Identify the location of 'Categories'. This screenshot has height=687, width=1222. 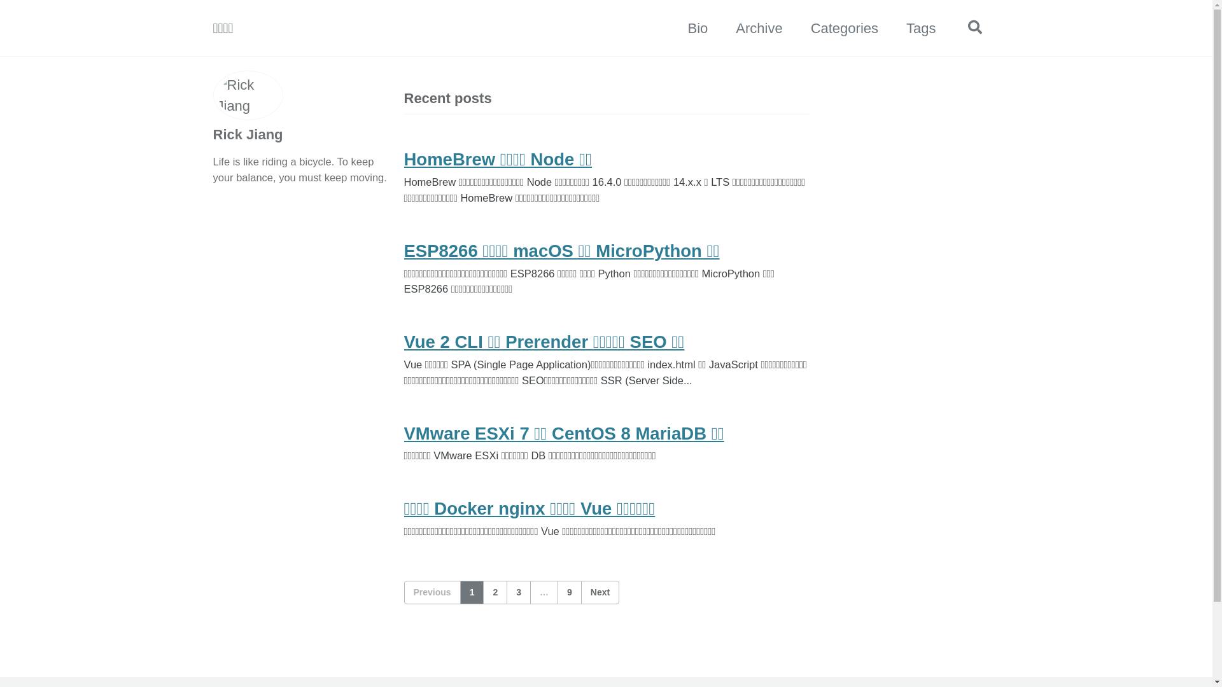
(810, 28).